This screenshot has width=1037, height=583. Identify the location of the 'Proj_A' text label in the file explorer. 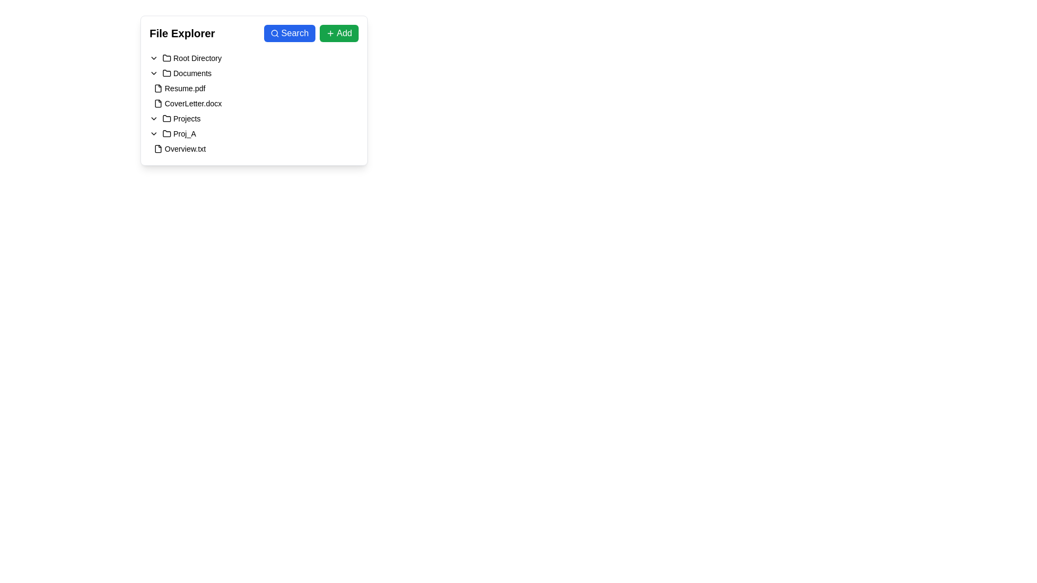
(179, 133).